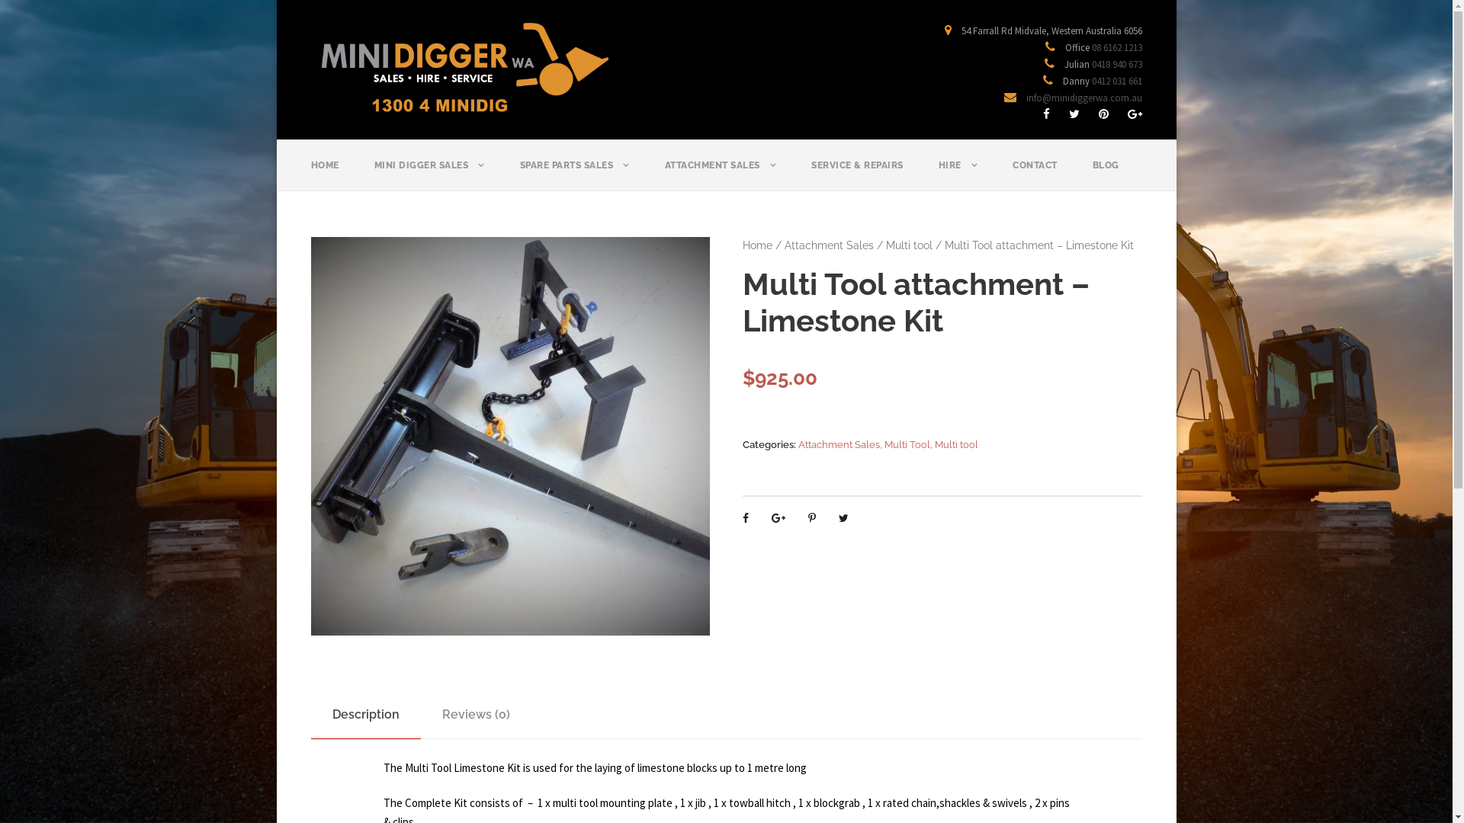 The image size is (1464, 823). What do you see at coordinates (757, 244) in the screenshot?
I see `'Home'` at bounding box center [757, 244].